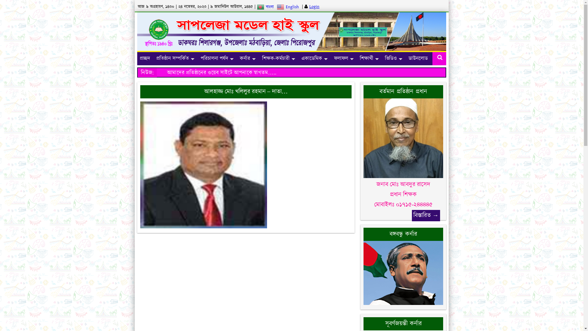 The width and height of the screenshot is (588, 331). Describe the element at coordinates (288, 7) in the screenshot. I see `'English'` at that location.